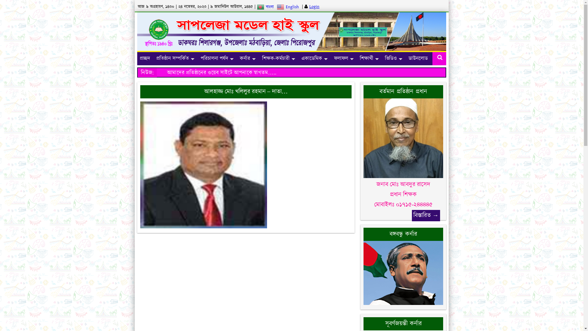 The width and height of the screenshot is (588, 331). Describe the element at coordinates (288, 7) in the screenshot. I see `'English'` at that location.